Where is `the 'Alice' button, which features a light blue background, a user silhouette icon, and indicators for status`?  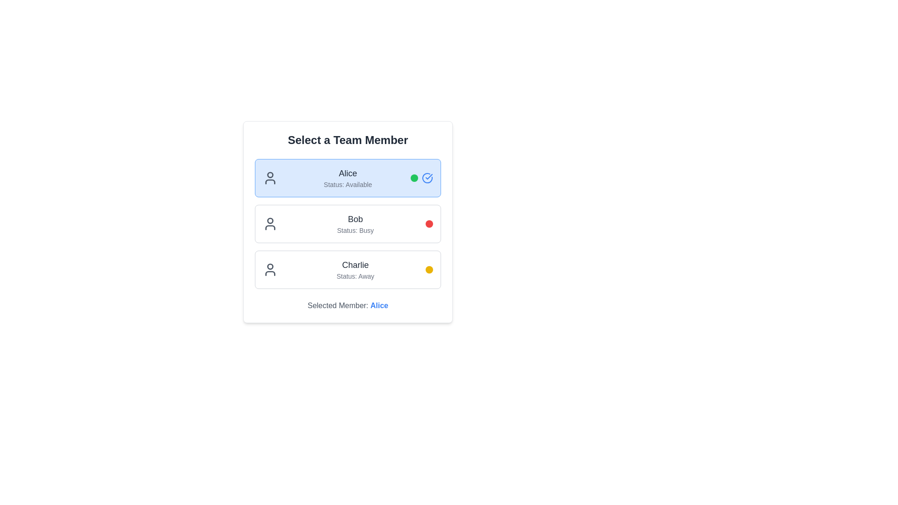
the 'Alice' button, which features a light blue background, a user silhouette icon, and indicators for status is located at coordinates (348, 178).